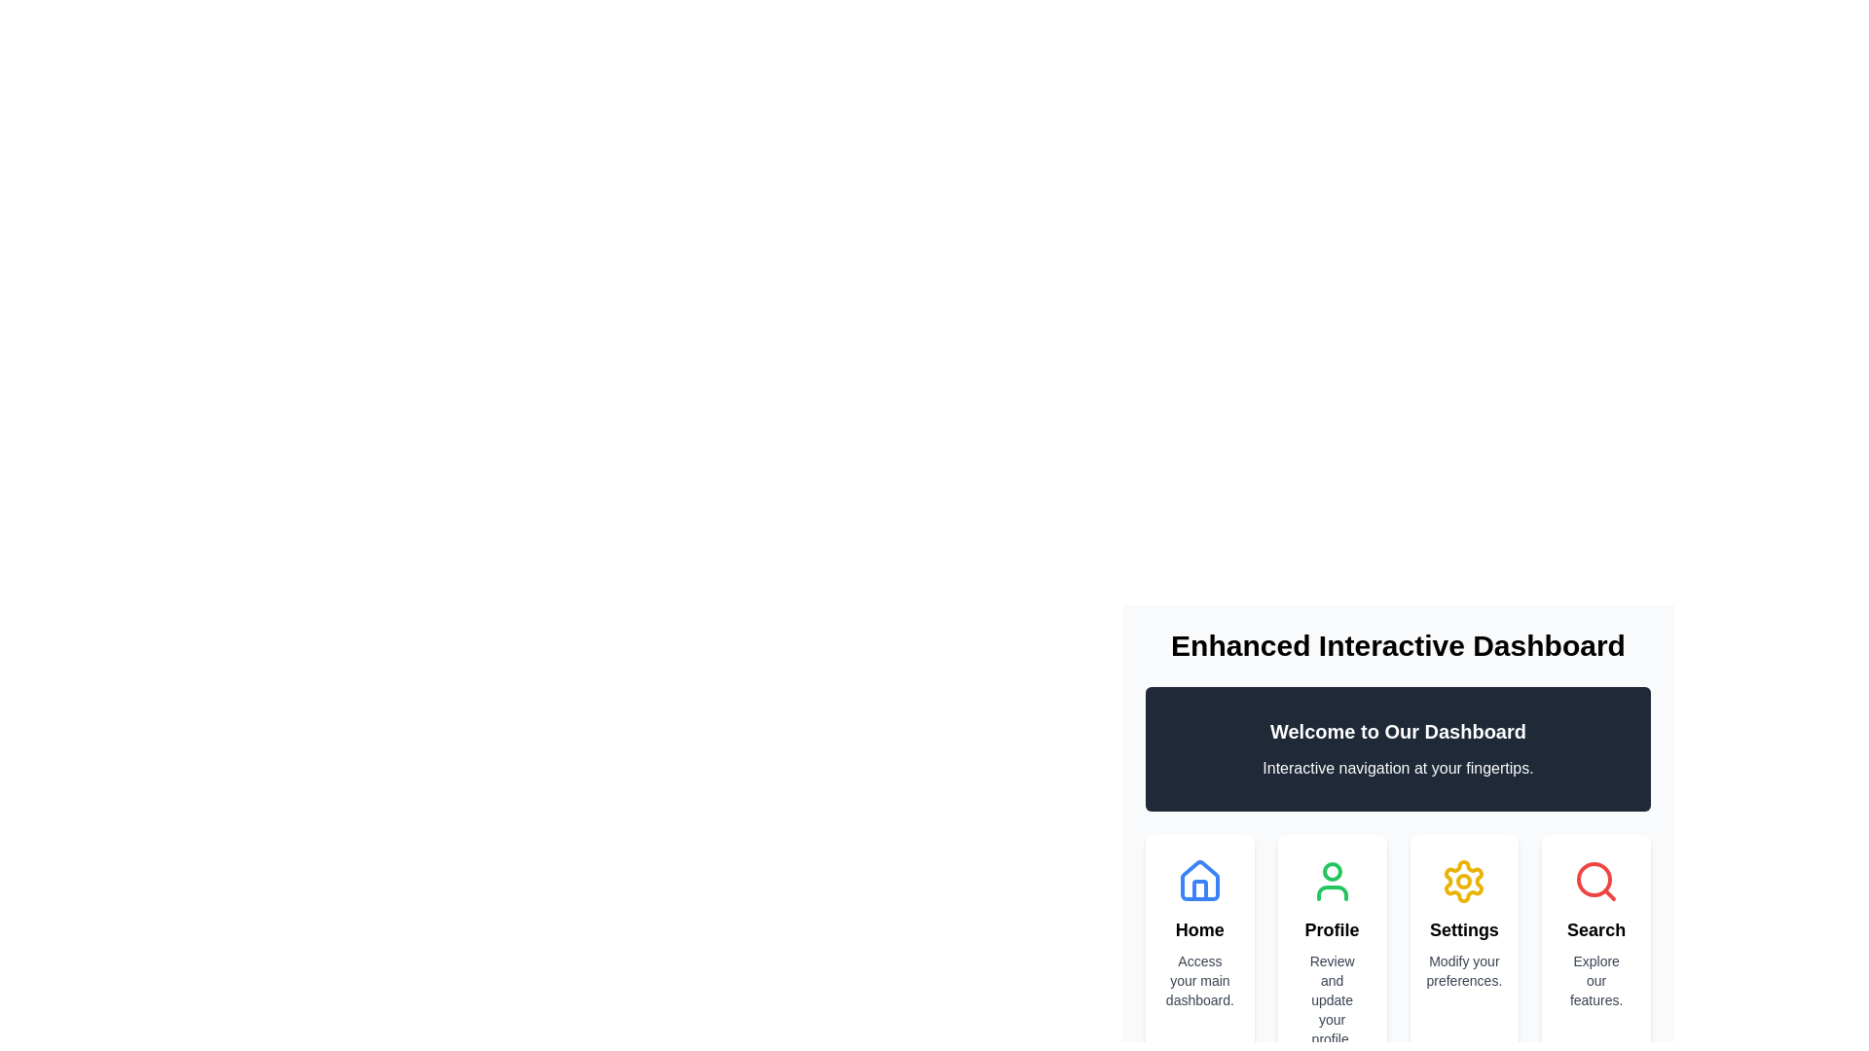  What do you see at coordinates (1397, 768) in the screenshot?
I see `static text displaying the phrase 'Interactive navigation at your fingertips.' located within a dark-colored card, positioned below the headline 'Welcome to Our Dashboard'` at bounding box center [1397, 768].